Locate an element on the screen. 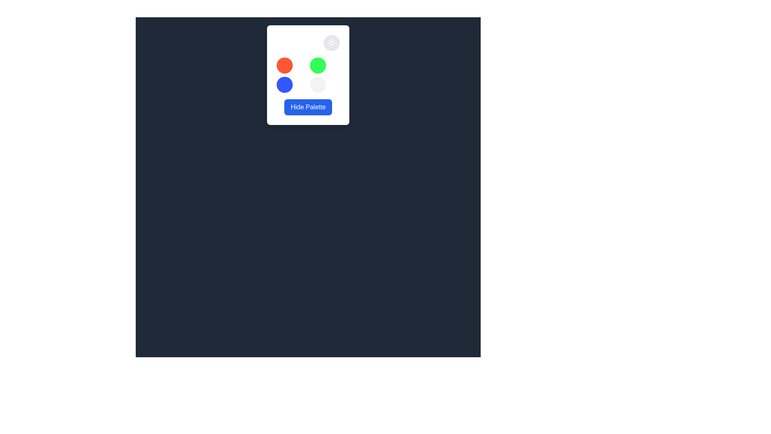 This screenshot has height=434, width=771. the circular indicator located in the bottom-left position of a grid layout consisting of four circular items is located at coordinates (285, 85).